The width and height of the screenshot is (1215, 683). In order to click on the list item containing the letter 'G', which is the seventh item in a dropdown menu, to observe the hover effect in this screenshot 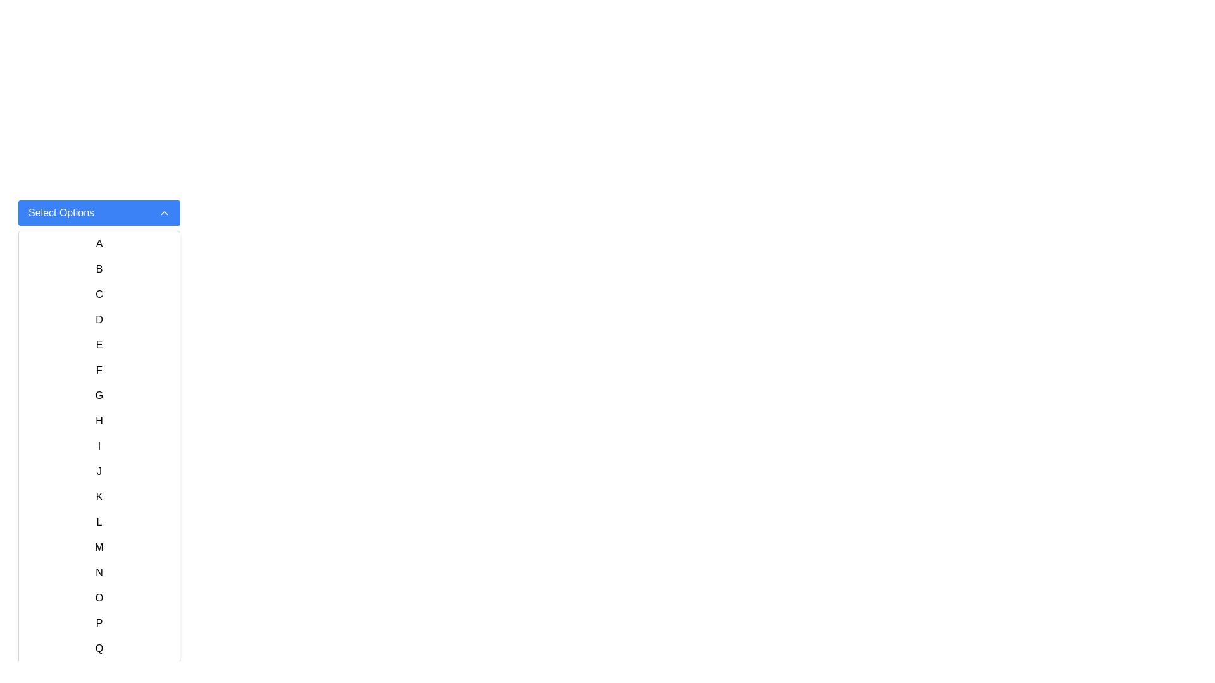, I will do `click(99, 395)`.